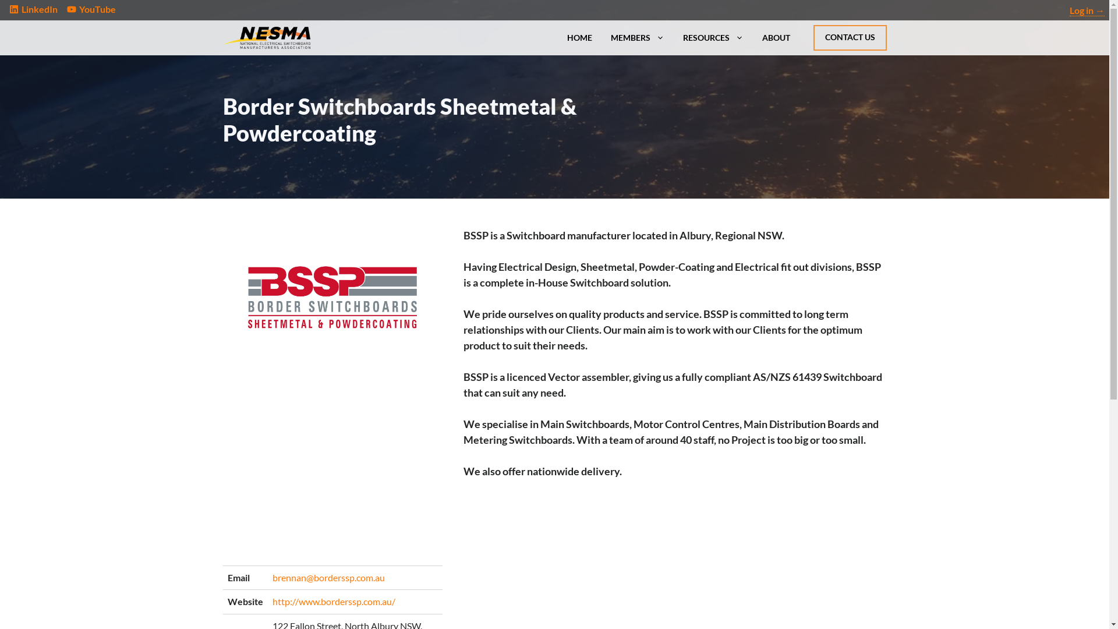 This screenshot has height=629, width=1118. I want to click on 'ABOUT', so click(776, 37).